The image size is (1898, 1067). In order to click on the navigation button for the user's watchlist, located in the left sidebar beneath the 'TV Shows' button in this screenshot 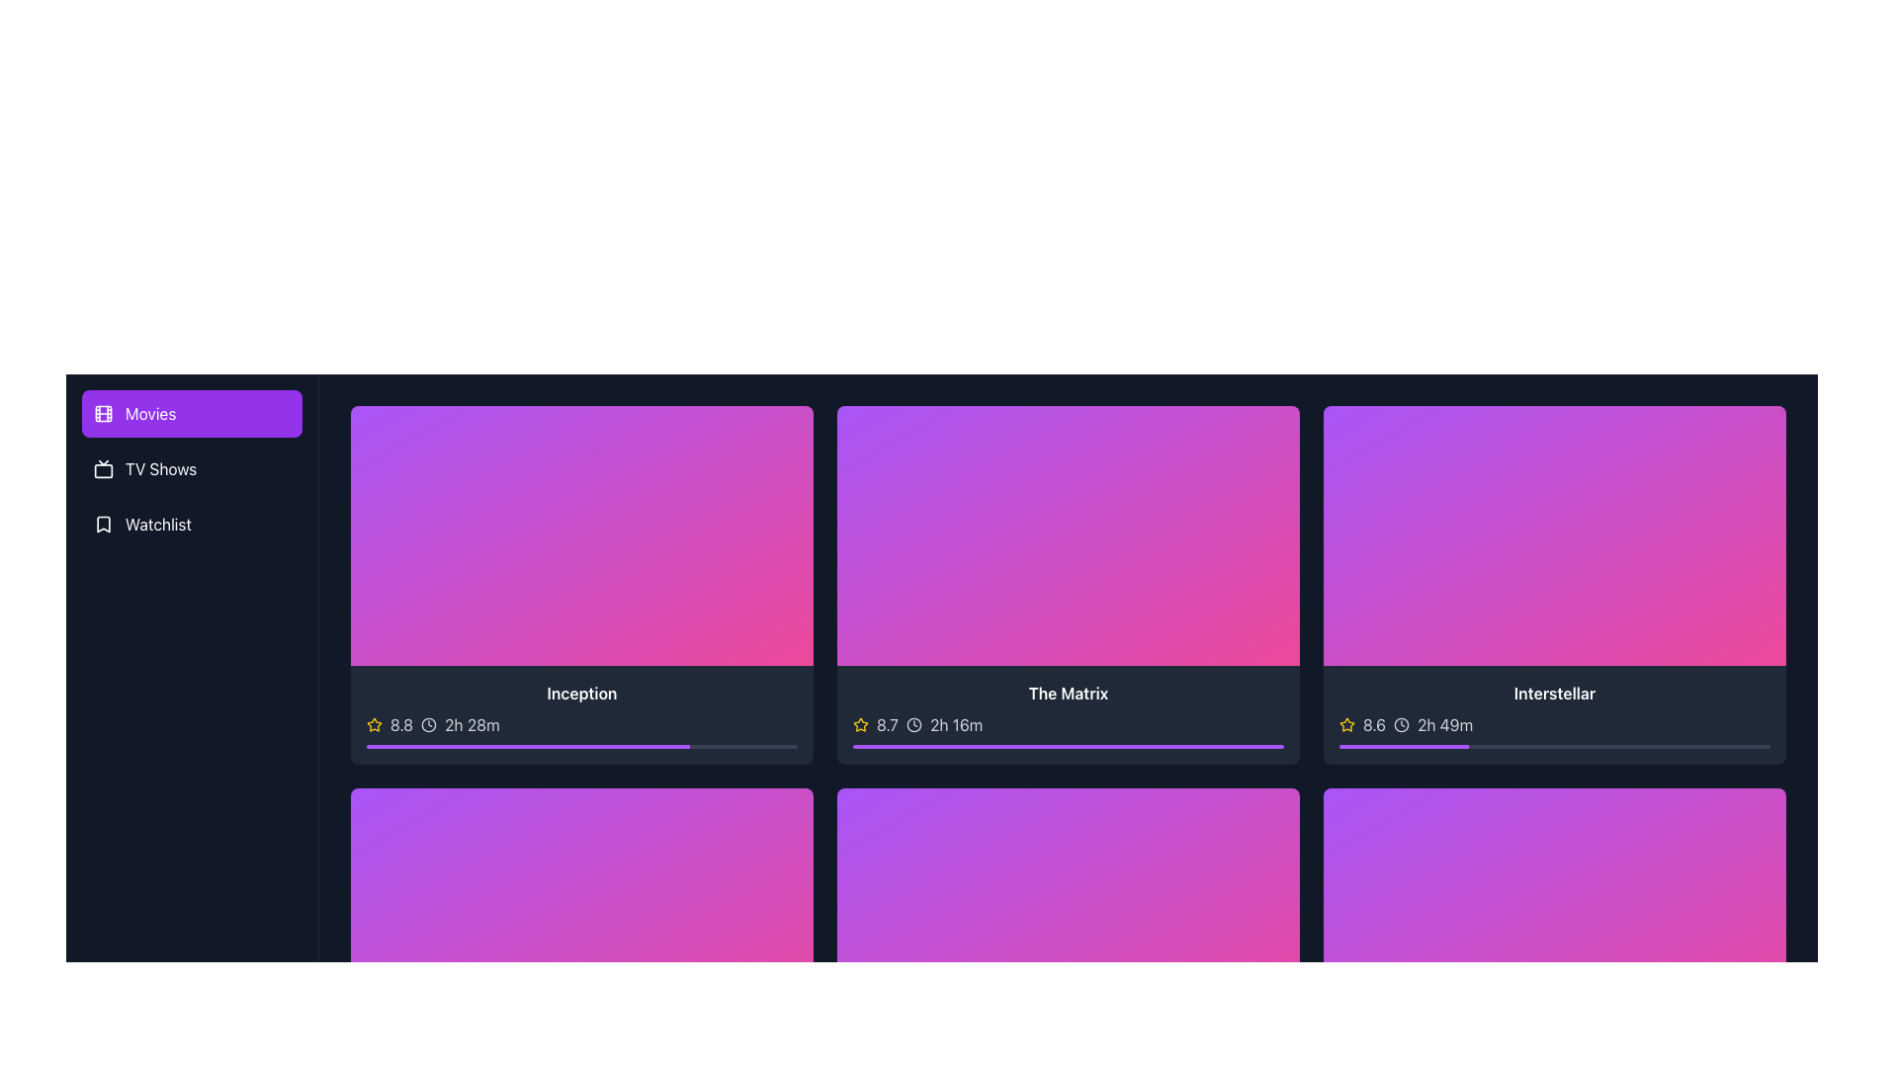, I will do `click(192, 524)`.